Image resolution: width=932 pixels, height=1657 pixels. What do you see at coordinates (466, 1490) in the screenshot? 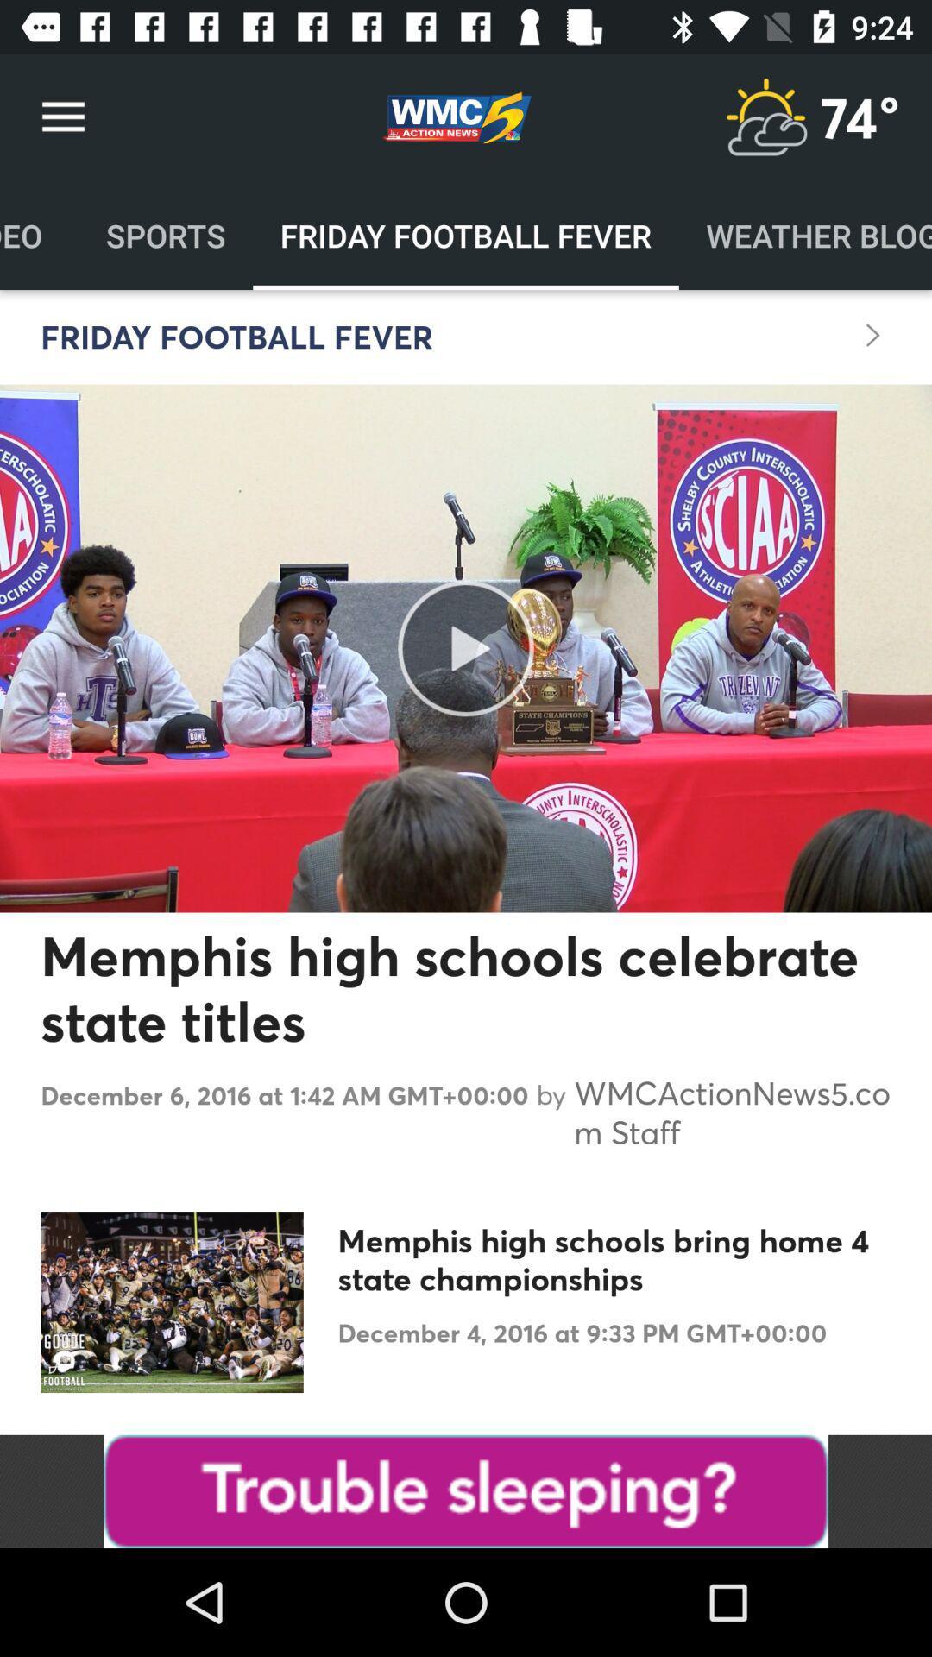
I see `open advertisement` at bounding box center [466, 1490].